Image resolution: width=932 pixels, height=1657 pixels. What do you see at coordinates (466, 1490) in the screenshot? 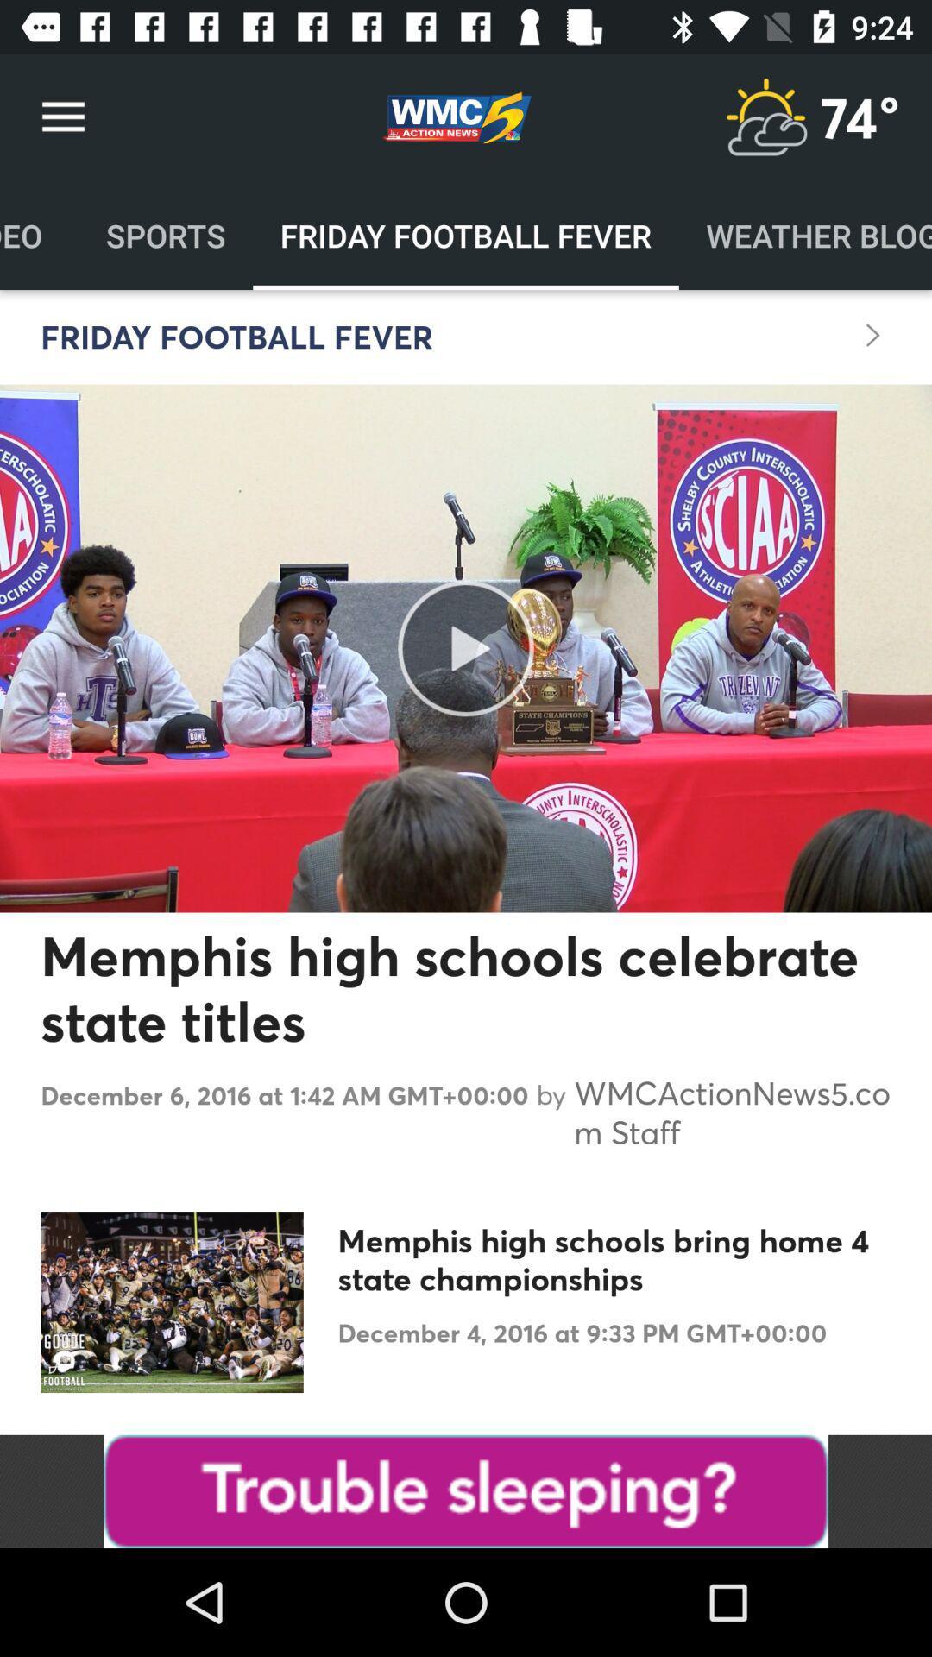
I see `open advertisement` at bounding box center [466, 1490].